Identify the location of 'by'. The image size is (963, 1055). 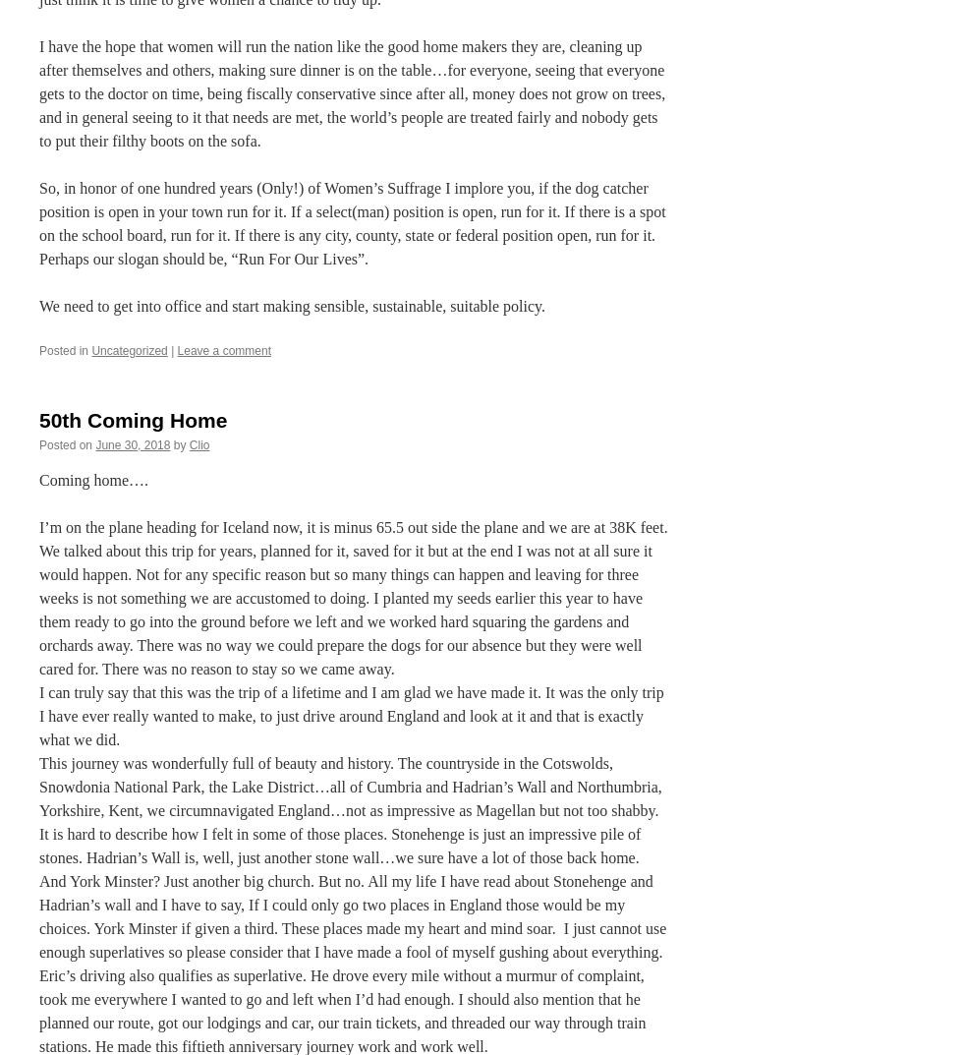
(179, 443).